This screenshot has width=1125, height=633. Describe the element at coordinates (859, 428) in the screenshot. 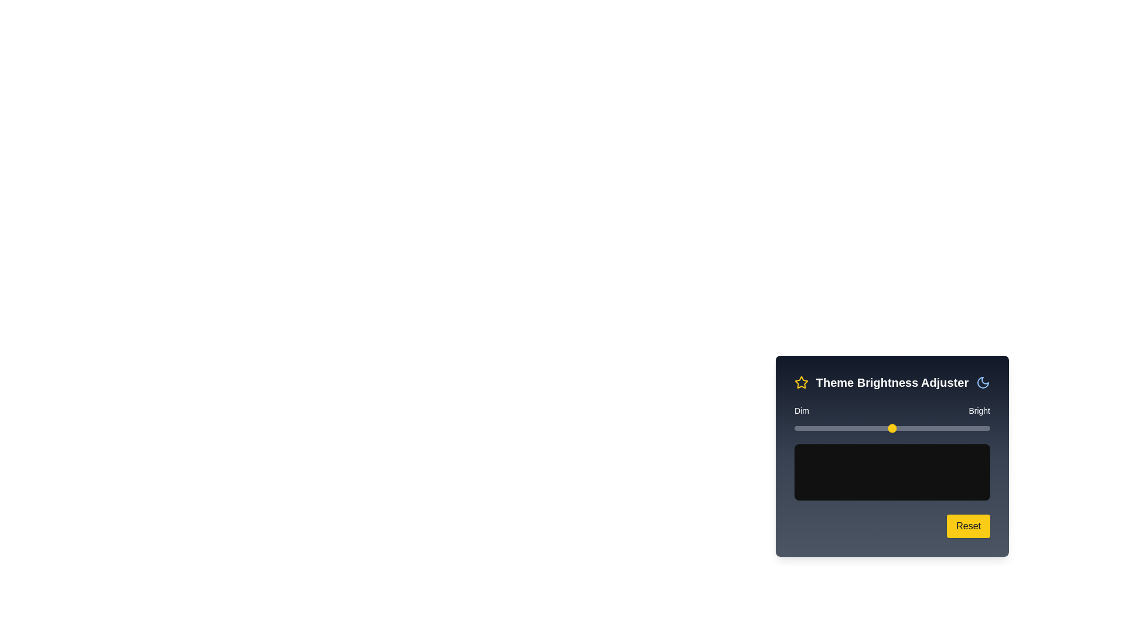

I see `the brightness slider to set the brightness to 33%` at that location.